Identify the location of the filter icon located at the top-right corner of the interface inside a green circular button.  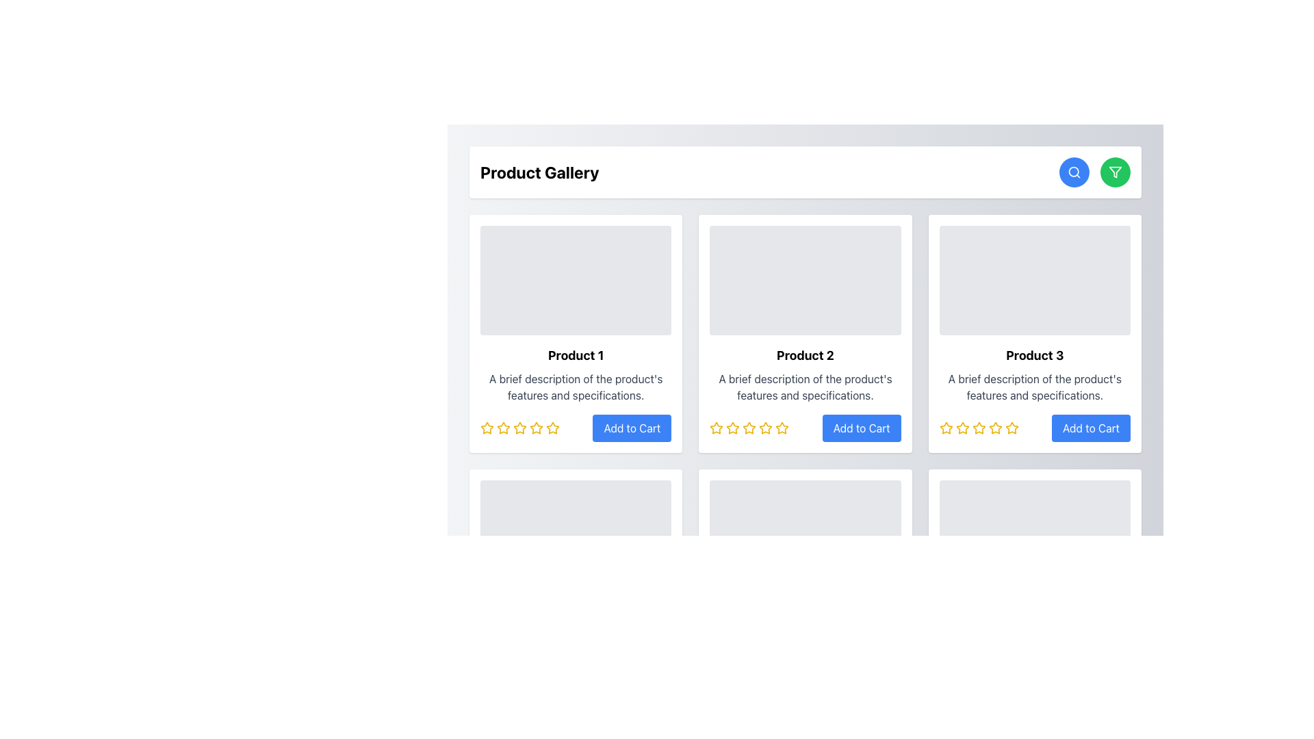
(1116, 171).